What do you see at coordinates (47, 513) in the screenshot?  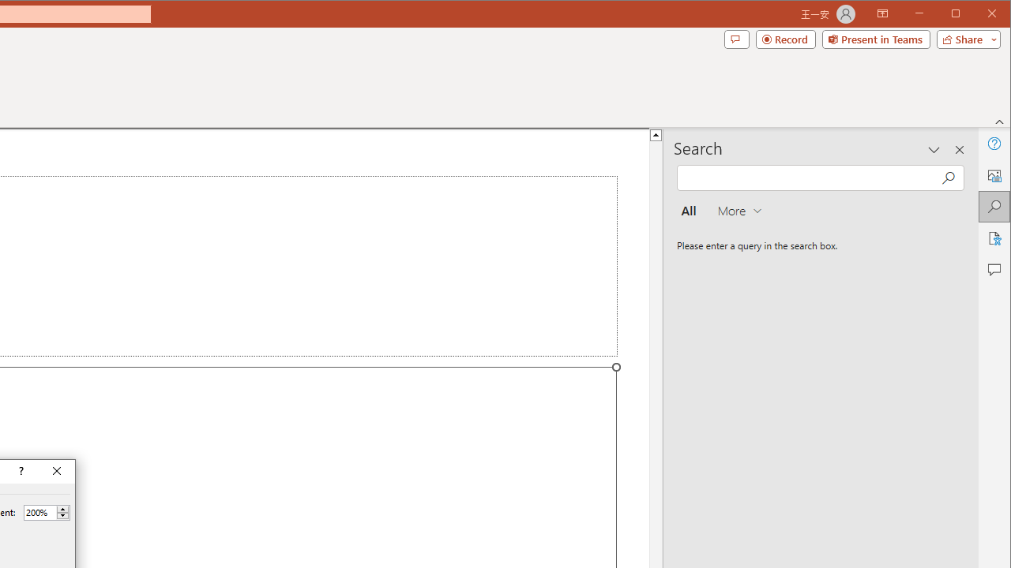 I see `'Percent'` at bounding box center [47, 513].